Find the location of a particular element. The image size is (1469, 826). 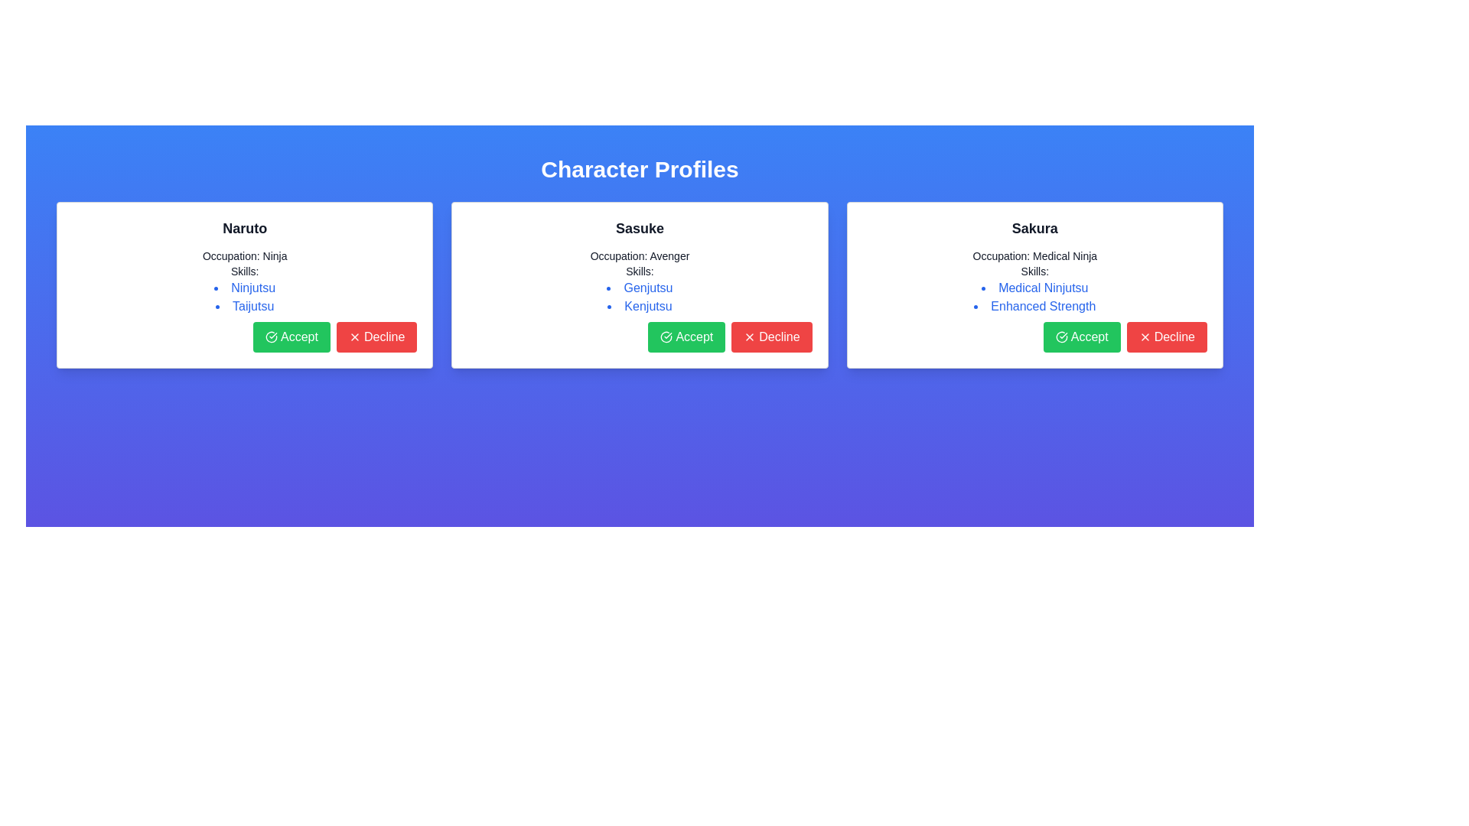

the small red 'X' icon located to the left of the 'Decline' text in the red button at the bottom-right of Sasuke's profile card is located at coordinates (750, 336).